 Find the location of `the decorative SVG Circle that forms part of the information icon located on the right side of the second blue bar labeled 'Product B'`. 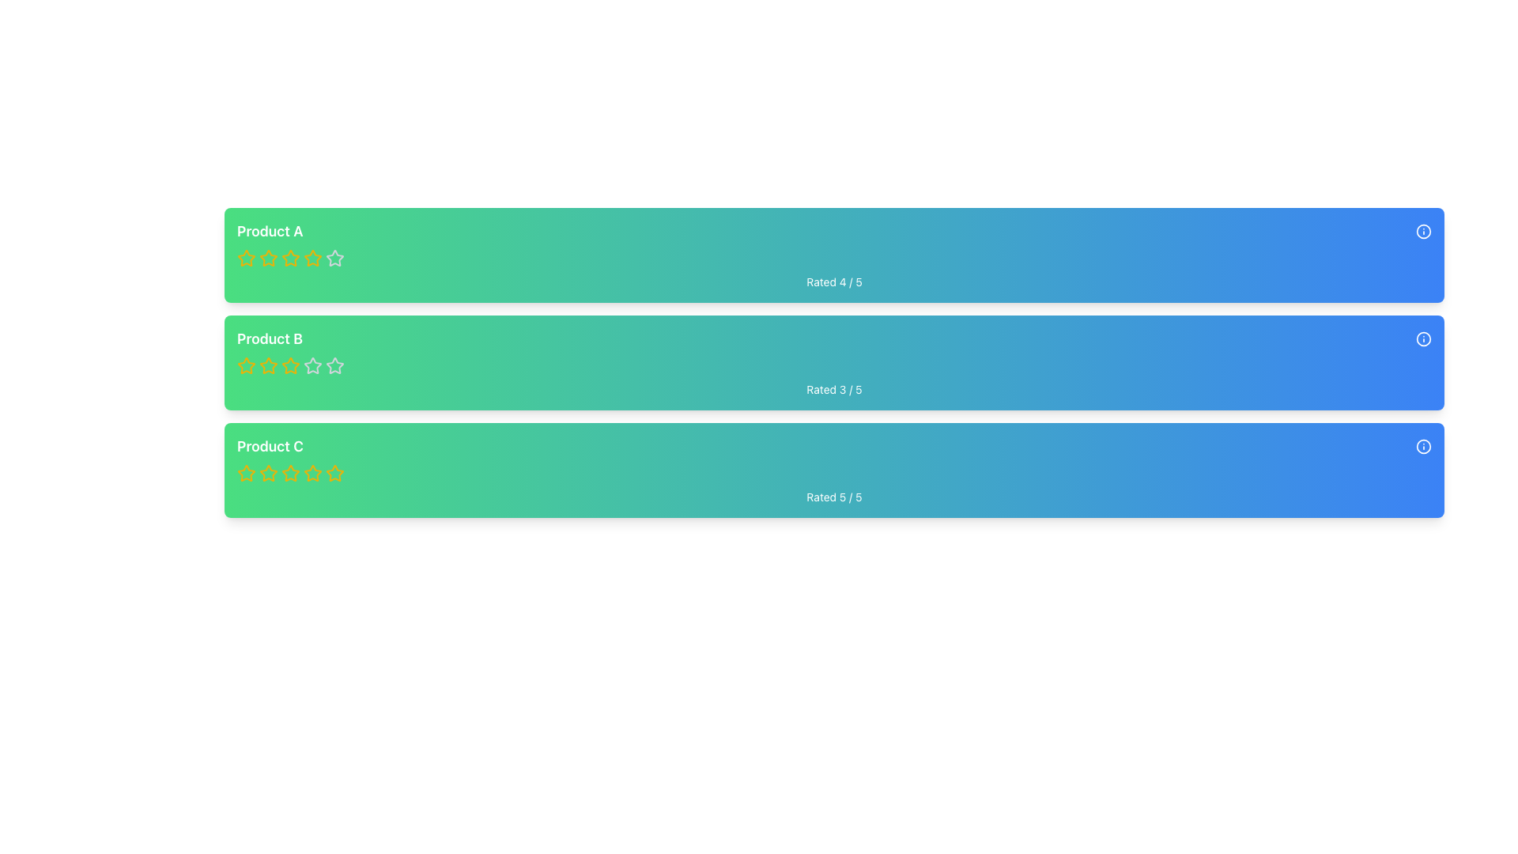

the decorative SVG Circle that forms part of the information icon located on the right side of the second blue bar labeled 'Product B' is located at coordinates (1423, 338).